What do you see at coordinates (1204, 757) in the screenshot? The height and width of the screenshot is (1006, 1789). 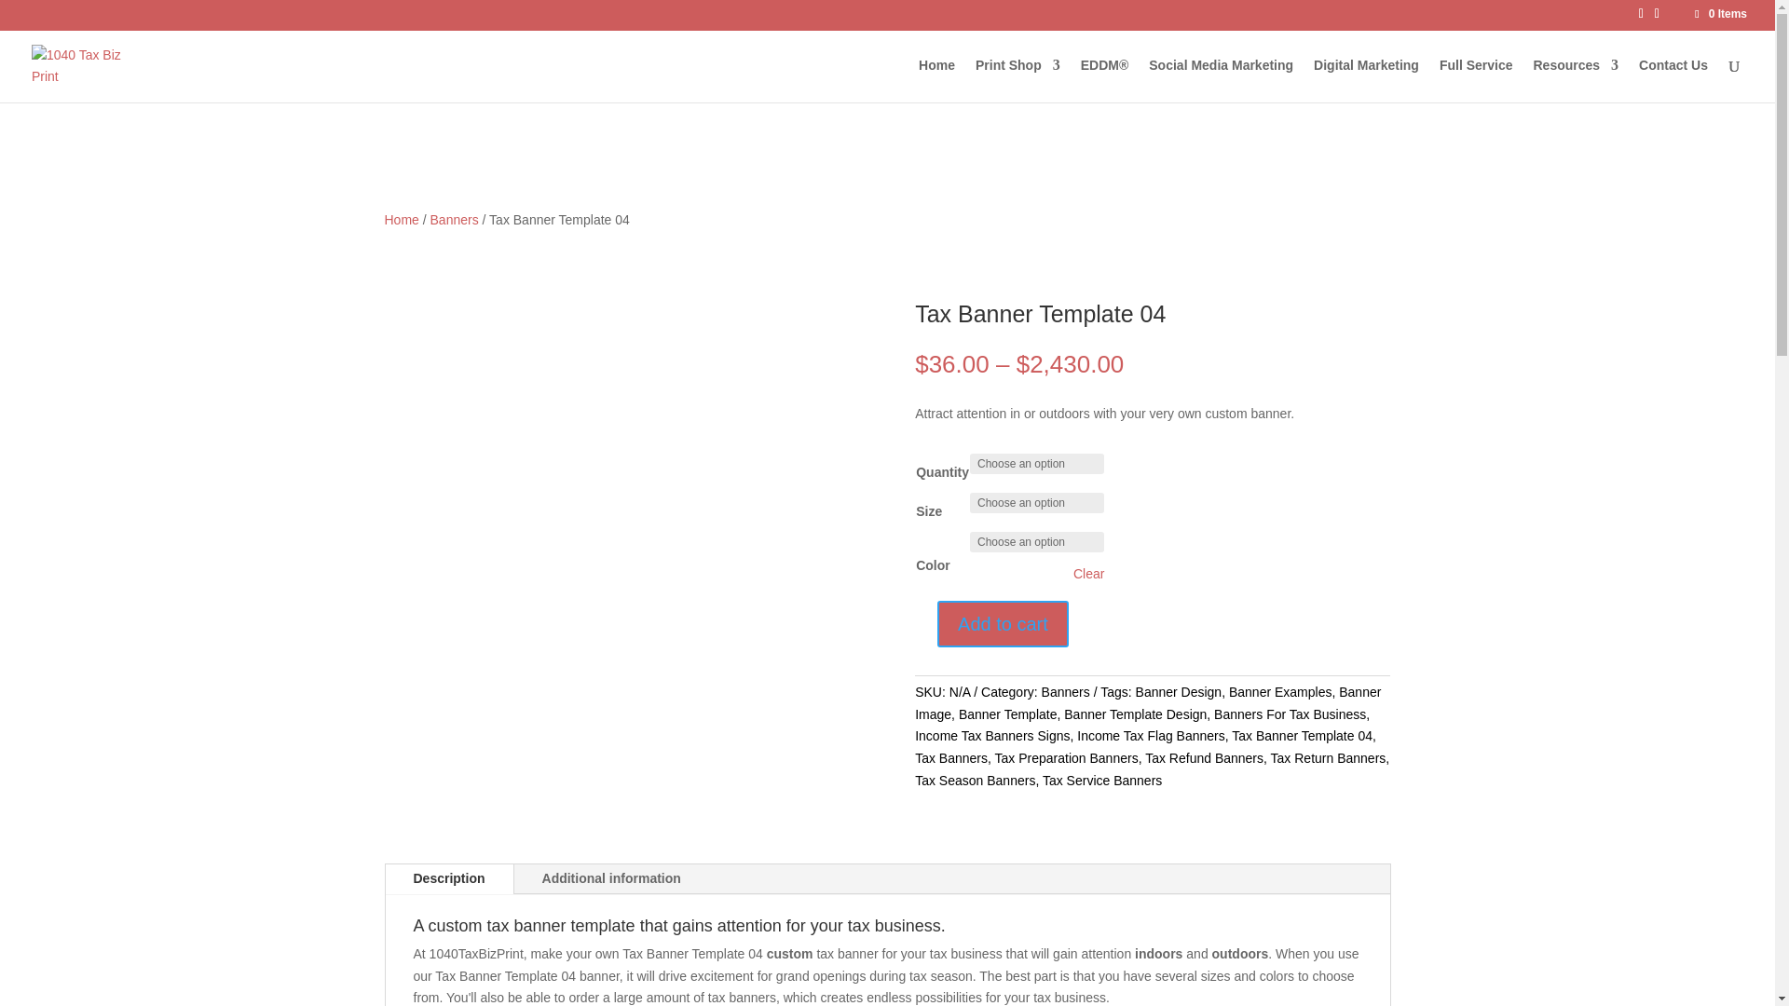 I see `'Tax Refund Banners'` at bounding box center [1204, 757].